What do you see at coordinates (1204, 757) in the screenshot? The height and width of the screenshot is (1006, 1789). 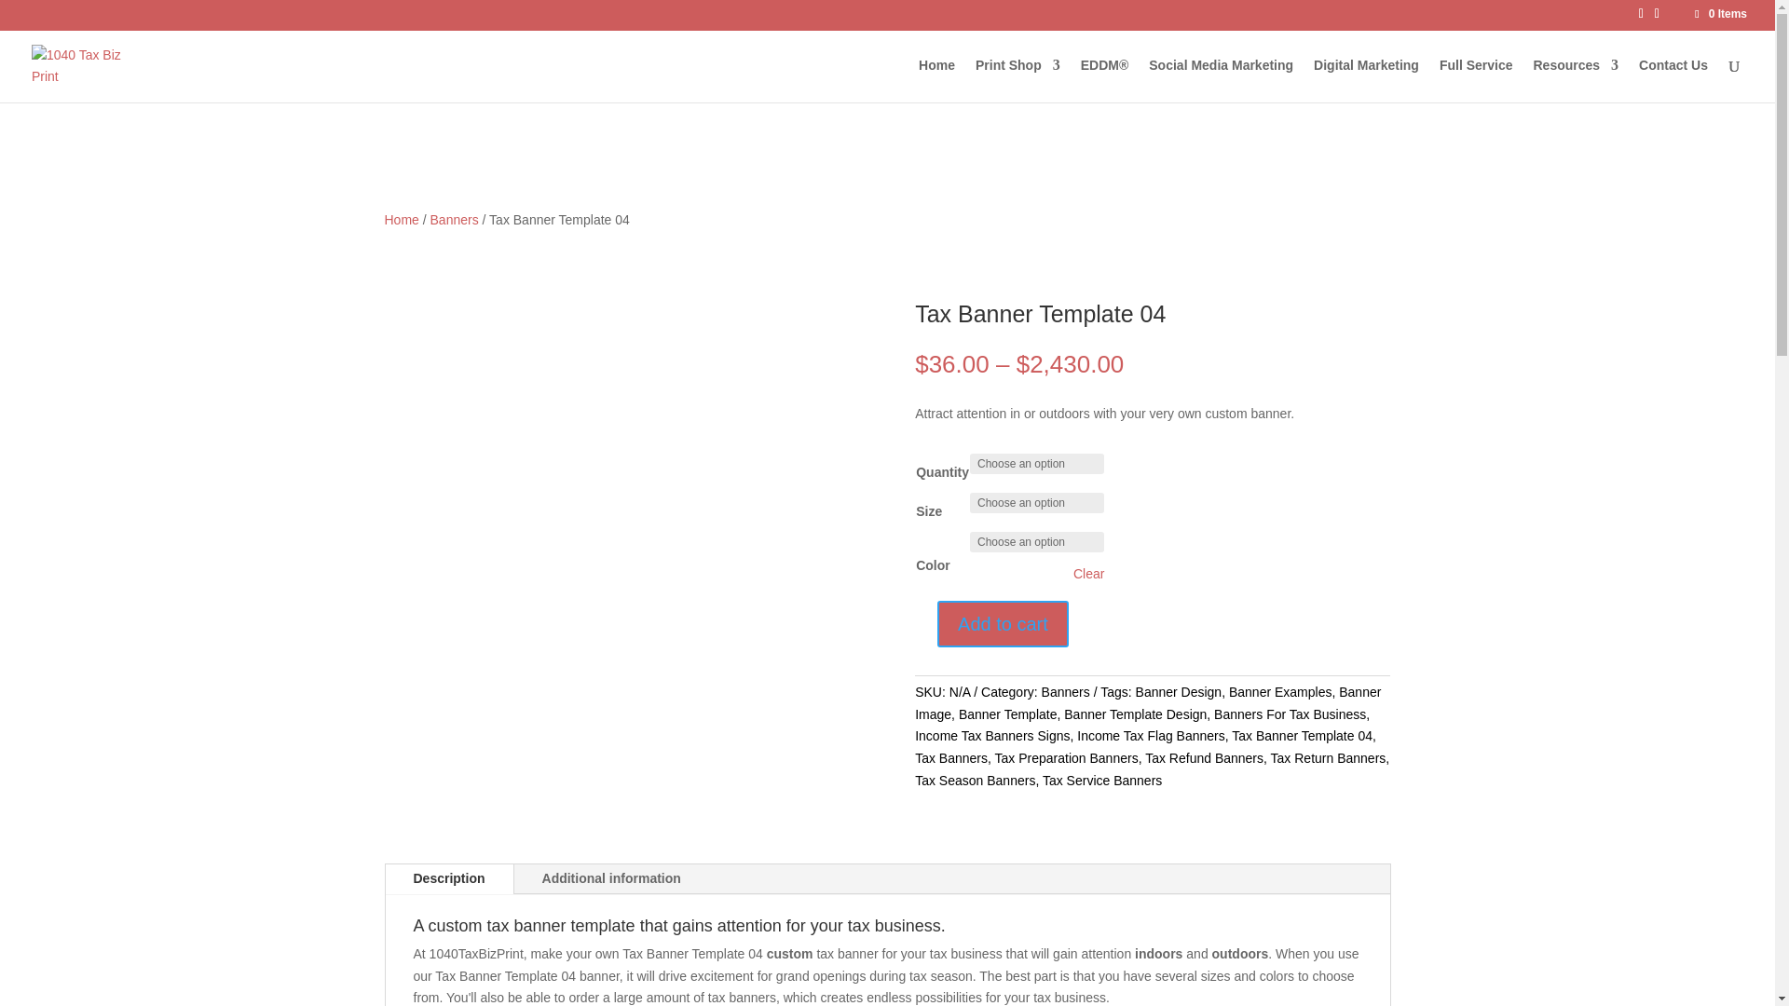 I see `'Tax Refund Banners'` at bounding box center [1204, 757].